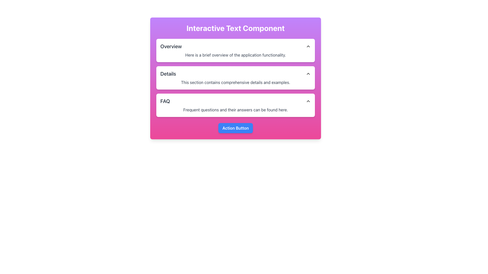  I want to click on the upward-pointing collapsible icon located at the right side of the FAQ section header, so click(308, 101).